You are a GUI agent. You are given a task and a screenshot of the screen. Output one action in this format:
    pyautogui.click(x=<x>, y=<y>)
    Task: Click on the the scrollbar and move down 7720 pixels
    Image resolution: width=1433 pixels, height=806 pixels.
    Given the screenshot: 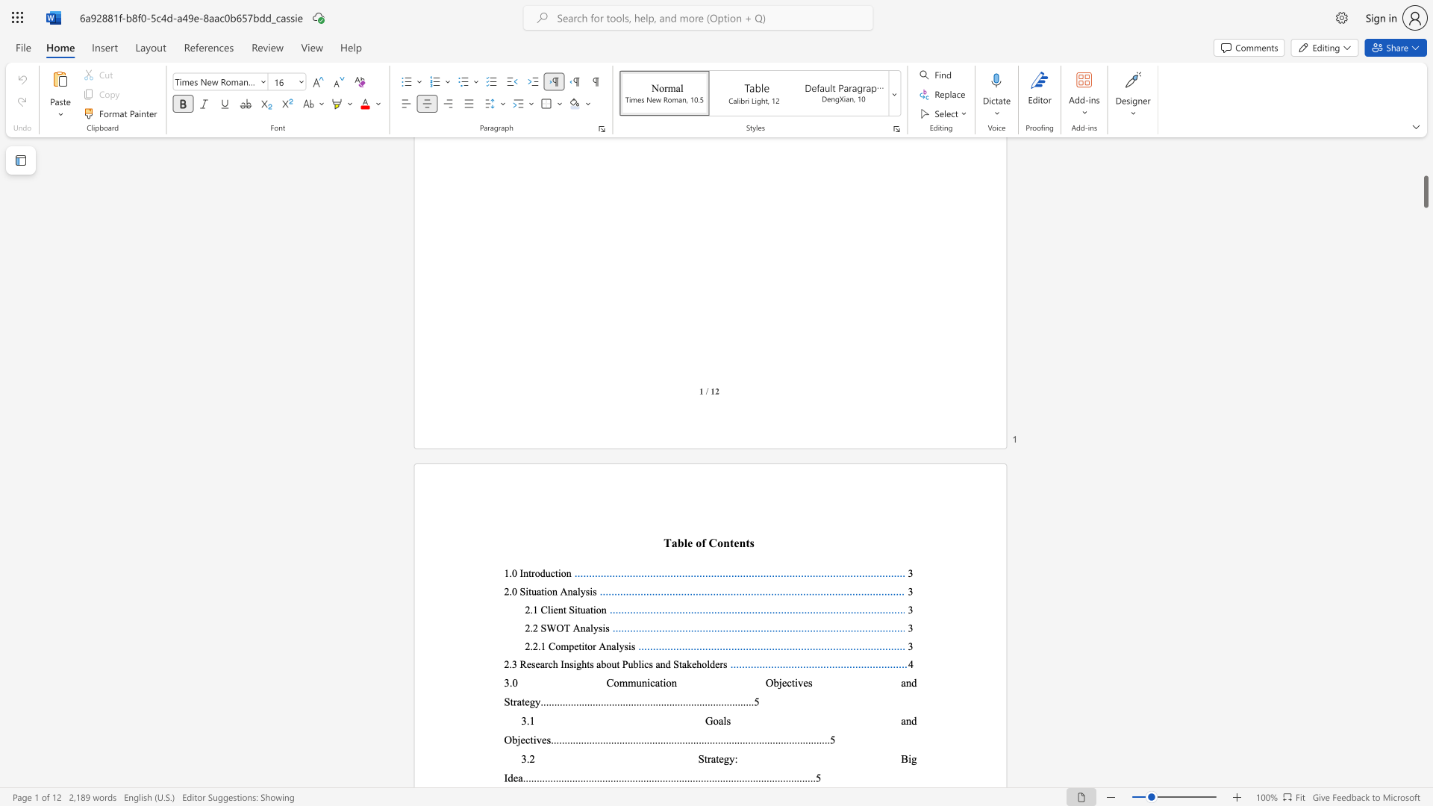 What is the action you would take?
    pyautogui.click(x=1425, y=191)
    